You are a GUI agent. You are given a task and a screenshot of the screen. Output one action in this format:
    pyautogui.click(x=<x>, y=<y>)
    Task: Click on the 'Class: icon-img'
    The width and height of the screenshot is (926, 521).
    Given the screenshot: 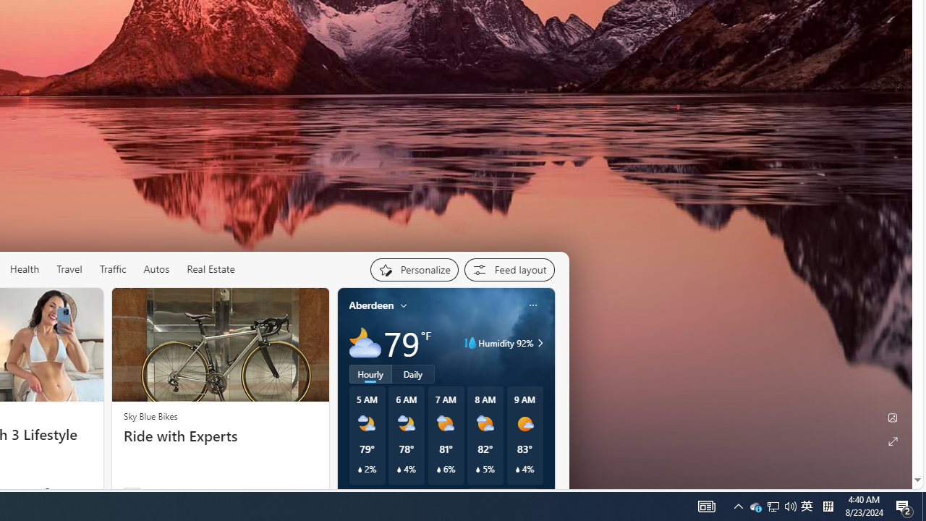 What is the action you would take?
    pyautogui.click(x=532, y=304)
    